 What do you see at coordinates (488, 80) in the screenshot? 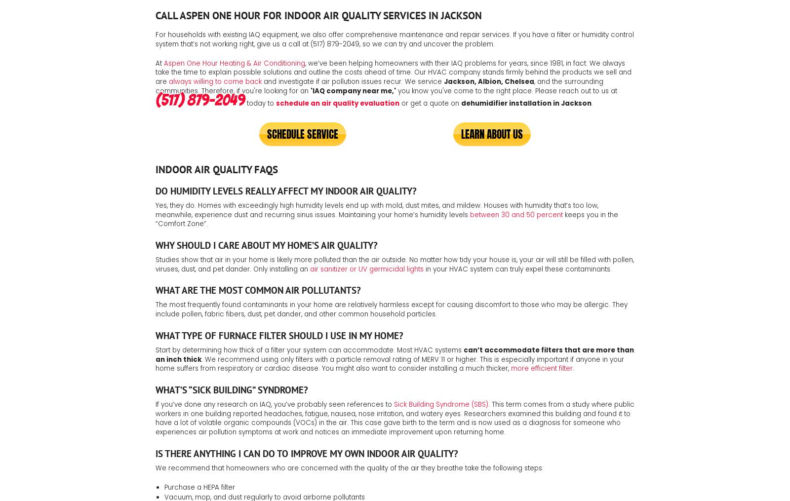
I see `'Jackson, Albion, Chelsea'` at bounding box center [488, 80].